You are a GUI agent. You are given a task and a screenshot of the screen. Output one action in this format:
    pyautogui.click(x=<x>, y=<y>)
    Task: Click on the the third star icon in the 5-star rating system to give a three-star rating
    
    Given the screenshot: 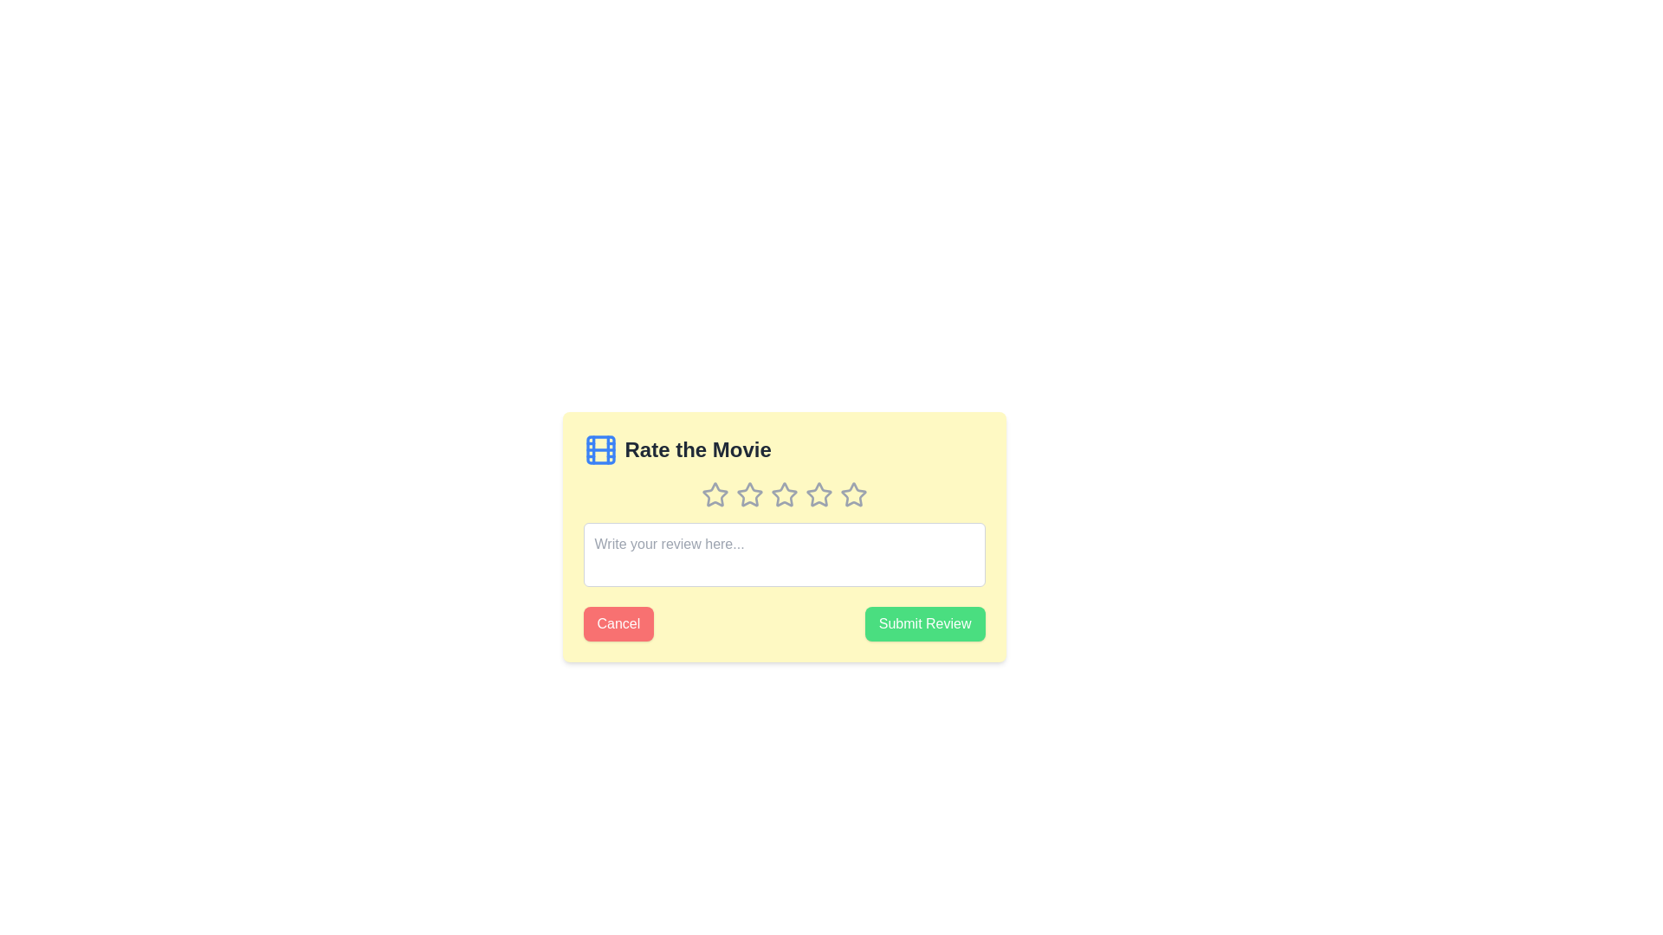 What is the action you would take?
    pyautogui.click(x=818, y=493)
    